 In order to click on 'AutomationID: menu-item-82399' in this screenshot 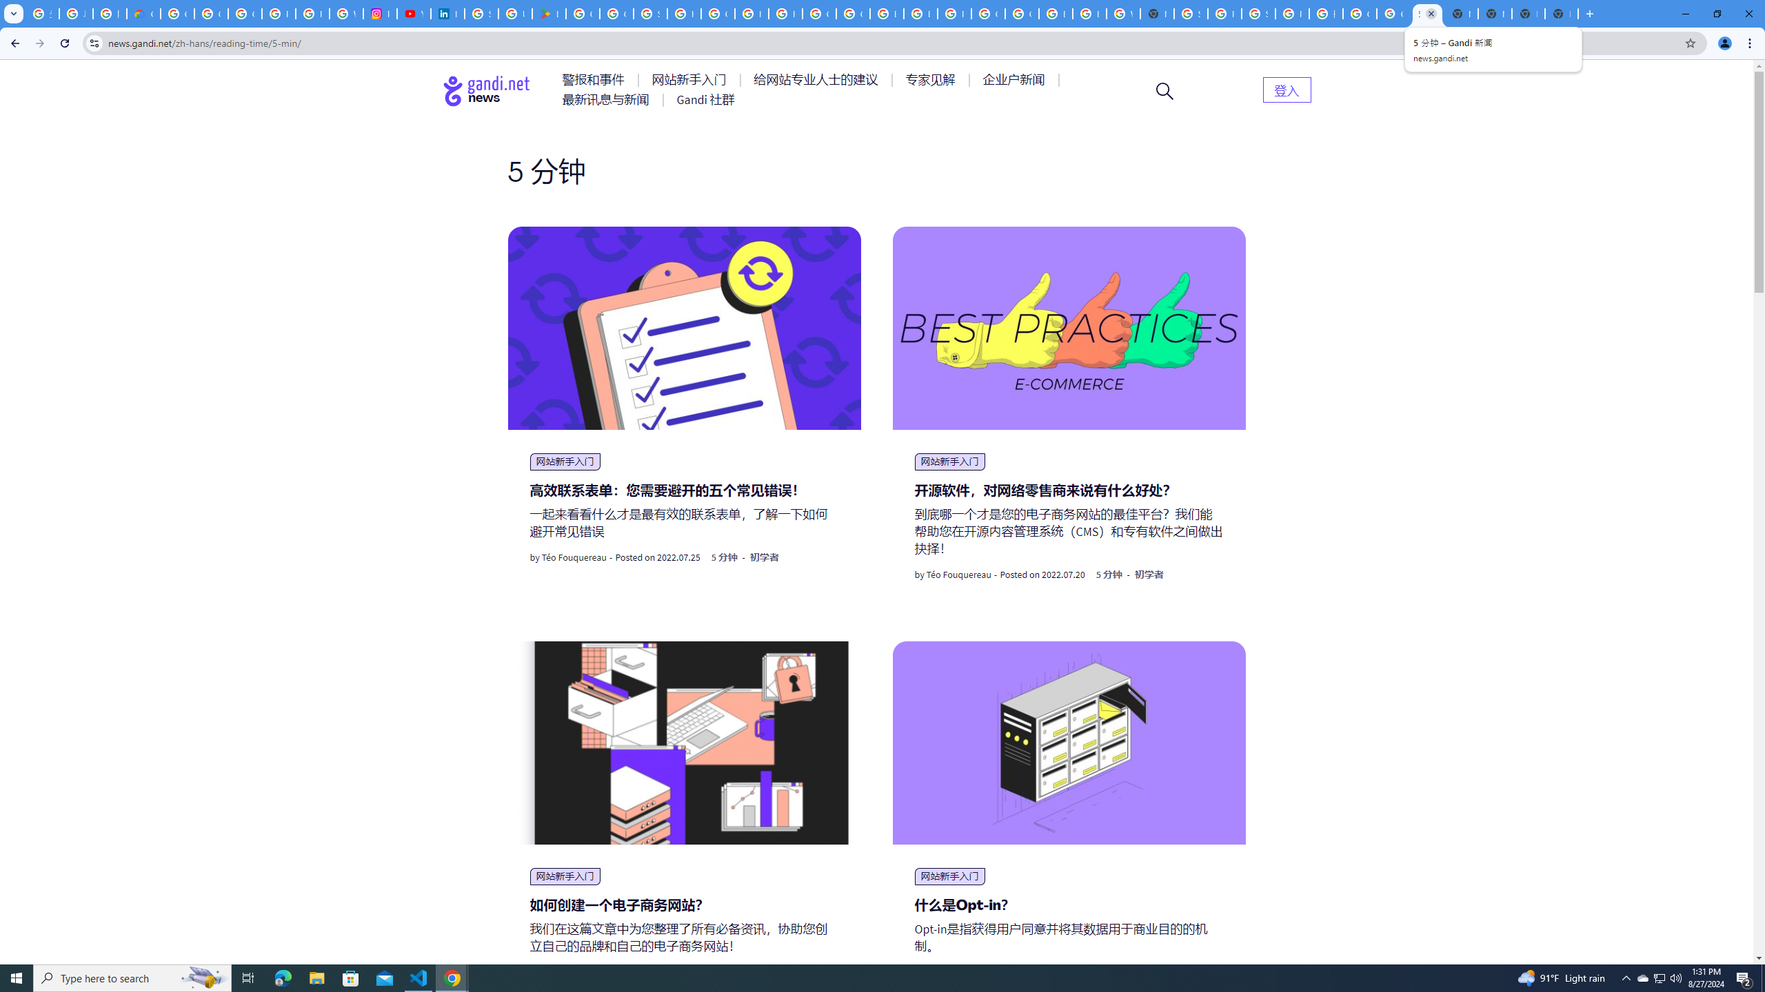, I will do `click(1287, 89)`.